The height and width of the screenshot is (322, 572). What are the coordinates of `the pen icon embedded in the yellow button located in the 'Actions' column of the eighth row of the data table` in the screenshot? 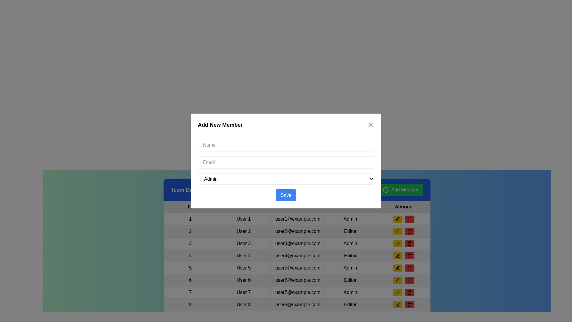 It's located at (397, 292).